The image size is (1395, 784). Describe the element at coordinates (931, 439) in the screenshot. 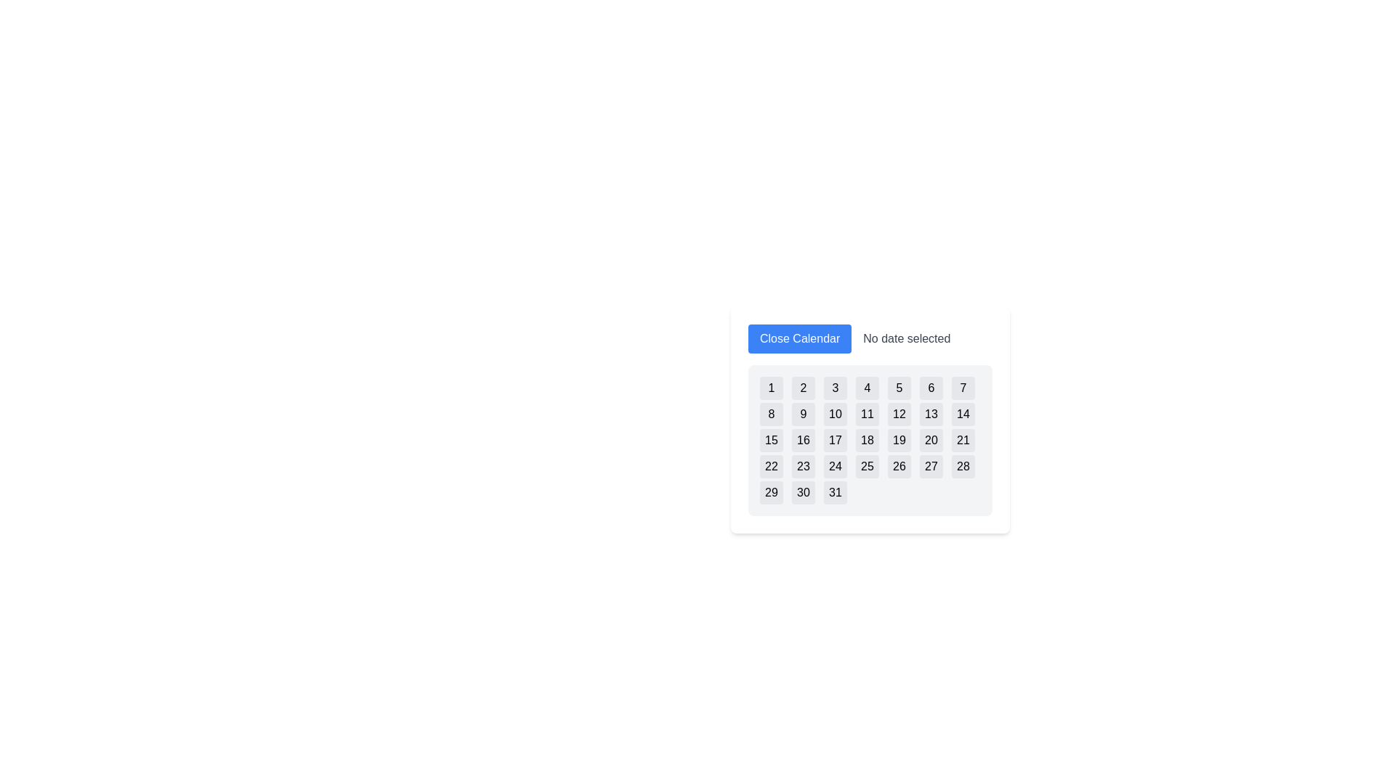

I see `the gray square button with rounded edges displaying the numeral '20'` at that location.